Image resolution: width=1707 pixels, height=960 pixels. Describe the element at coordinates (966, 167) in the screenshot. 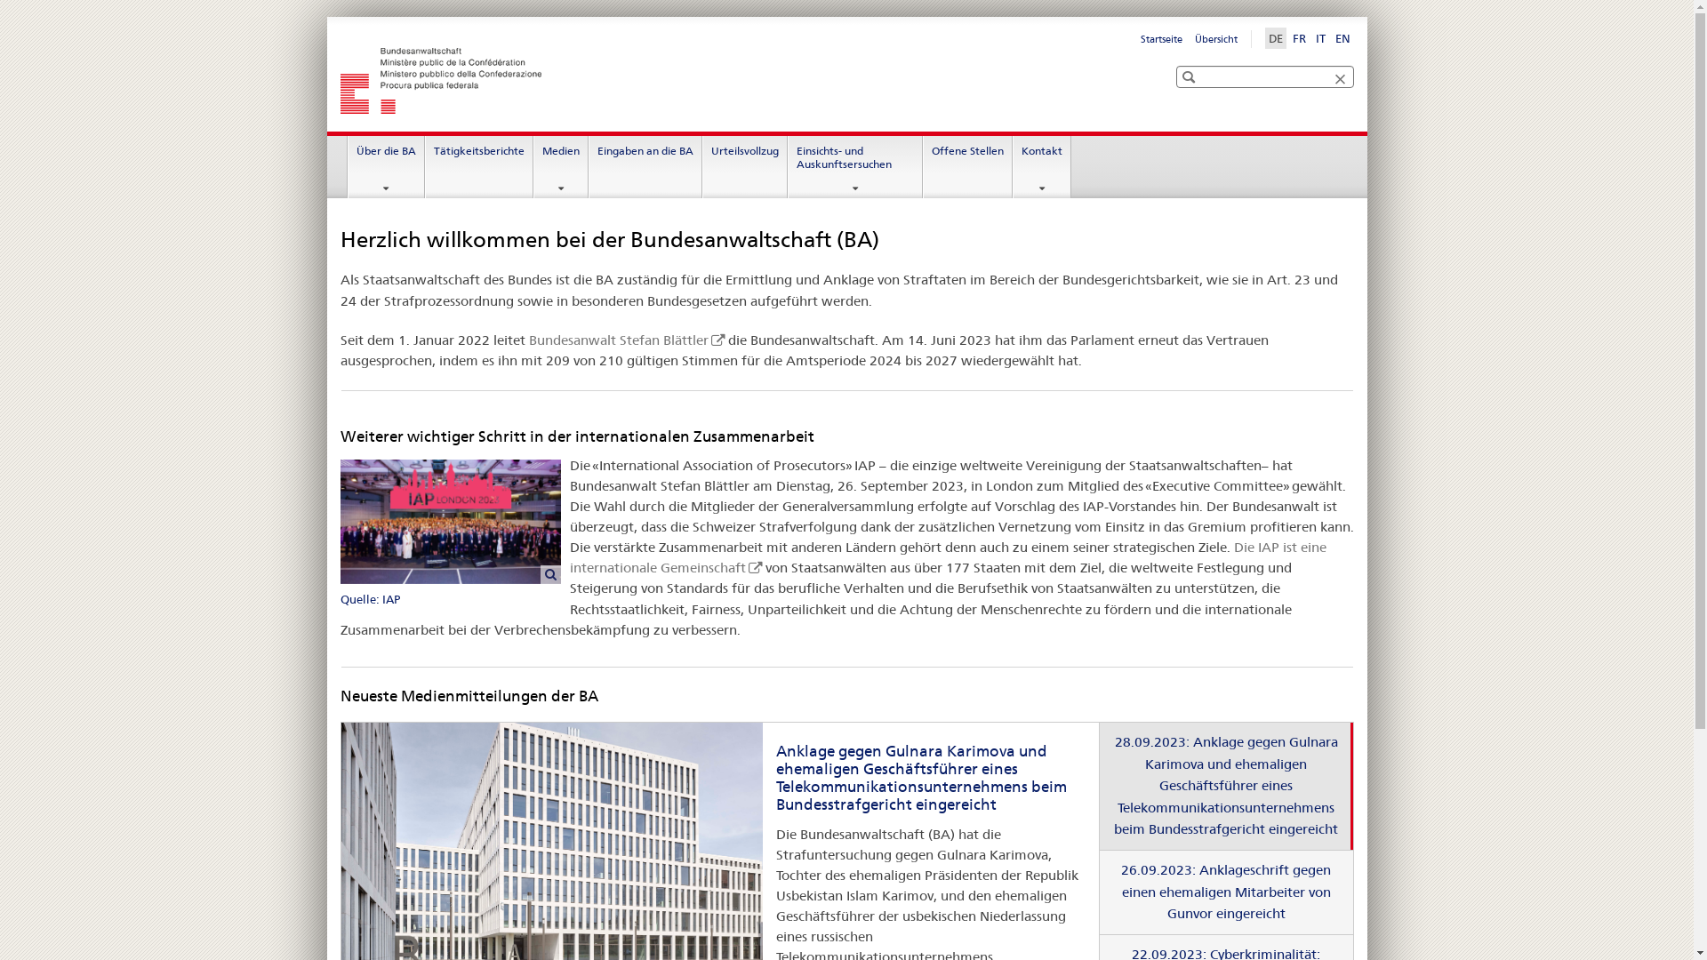

I see `'Offene Stellen'` at that location.